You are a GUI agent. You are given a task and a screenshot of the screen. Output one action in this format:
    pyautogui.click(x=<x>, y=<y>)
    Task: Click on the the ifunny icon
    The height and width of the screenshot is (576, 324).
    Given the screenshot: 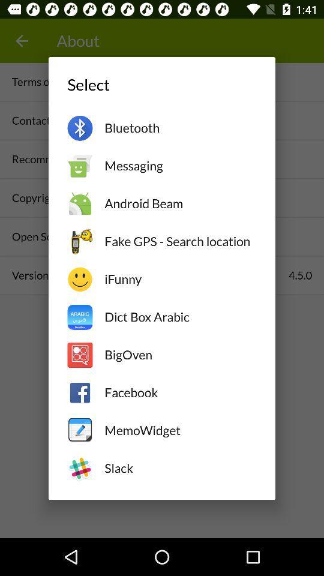 What is the action you would take?
    pyautogui.click(x=179, y=279)
    